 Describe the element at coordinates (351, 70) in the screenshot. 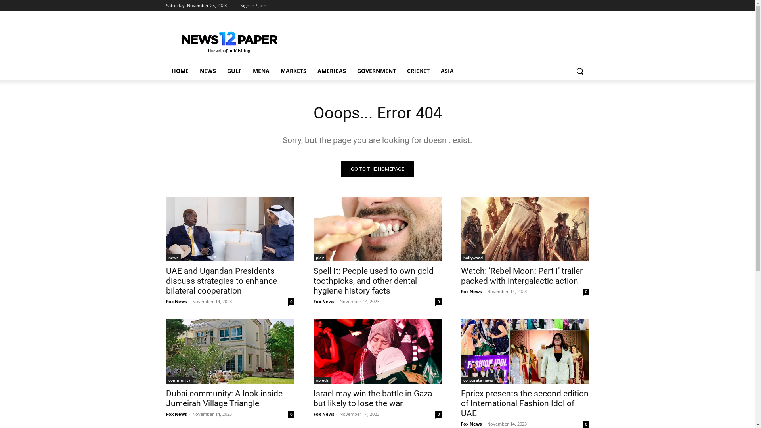

I see `'GOVERNMENT'` at that location.